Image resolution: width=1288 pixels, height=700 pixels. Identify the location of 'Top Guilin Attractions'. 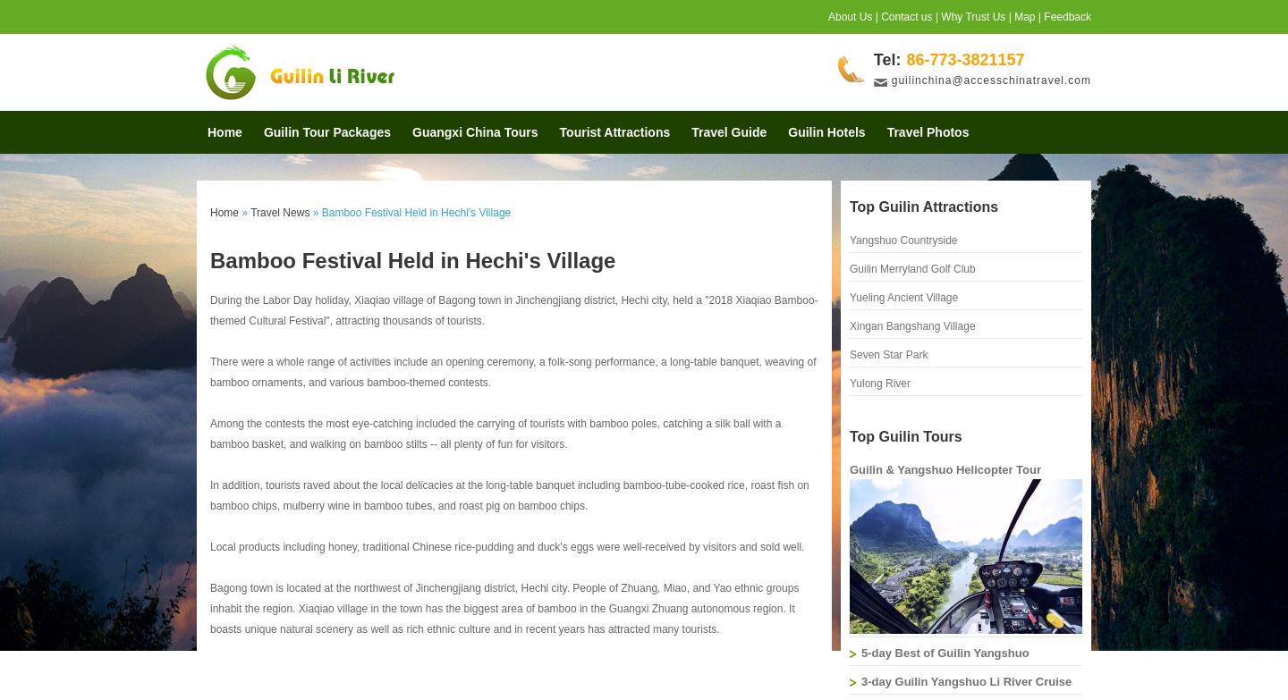
(924, 207).